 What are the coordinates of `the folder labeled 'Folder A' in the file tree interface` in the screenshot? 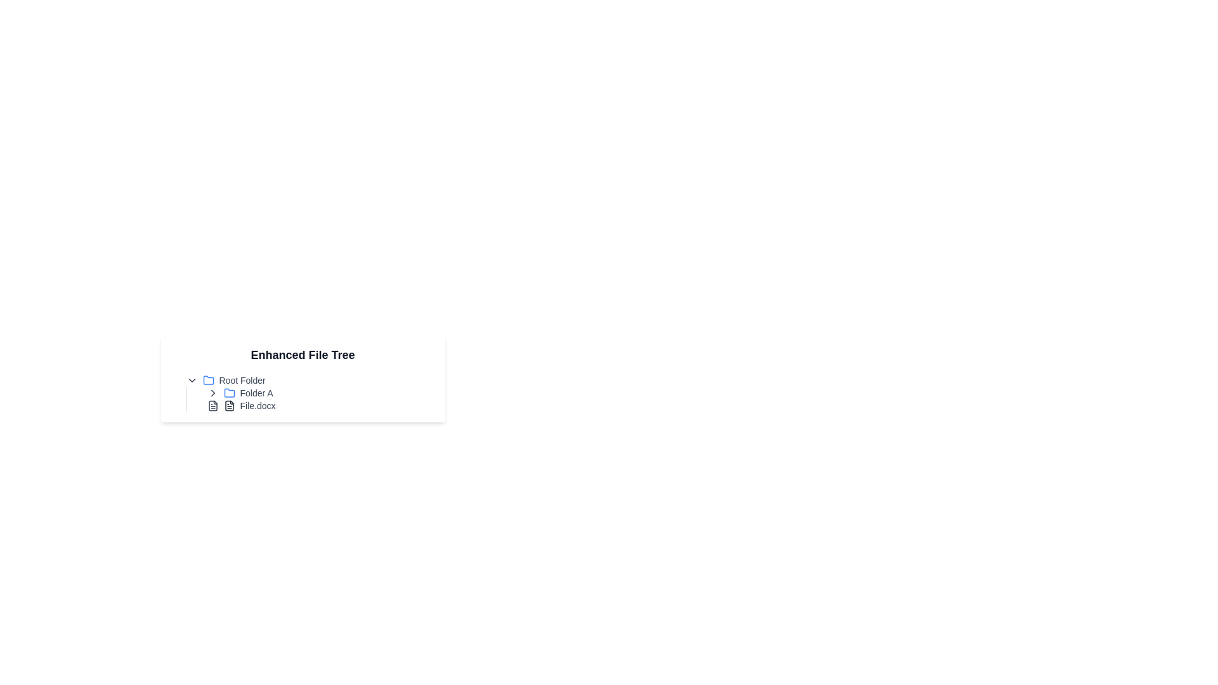 It's located at (313, 393).